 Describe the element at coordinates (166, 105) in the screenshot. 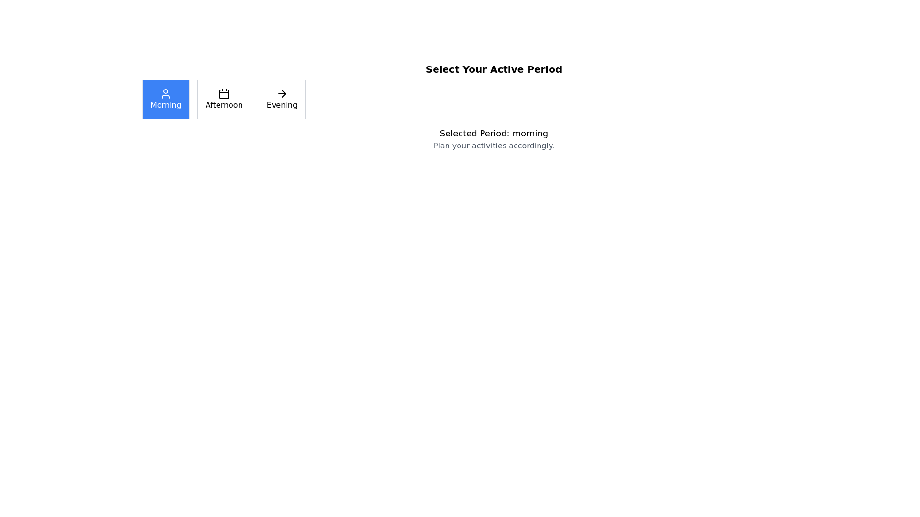

I see `the 'Morning' text label, which is displayed in white on a blue rectangular background, positioned below a user silhouette icon` at that location.